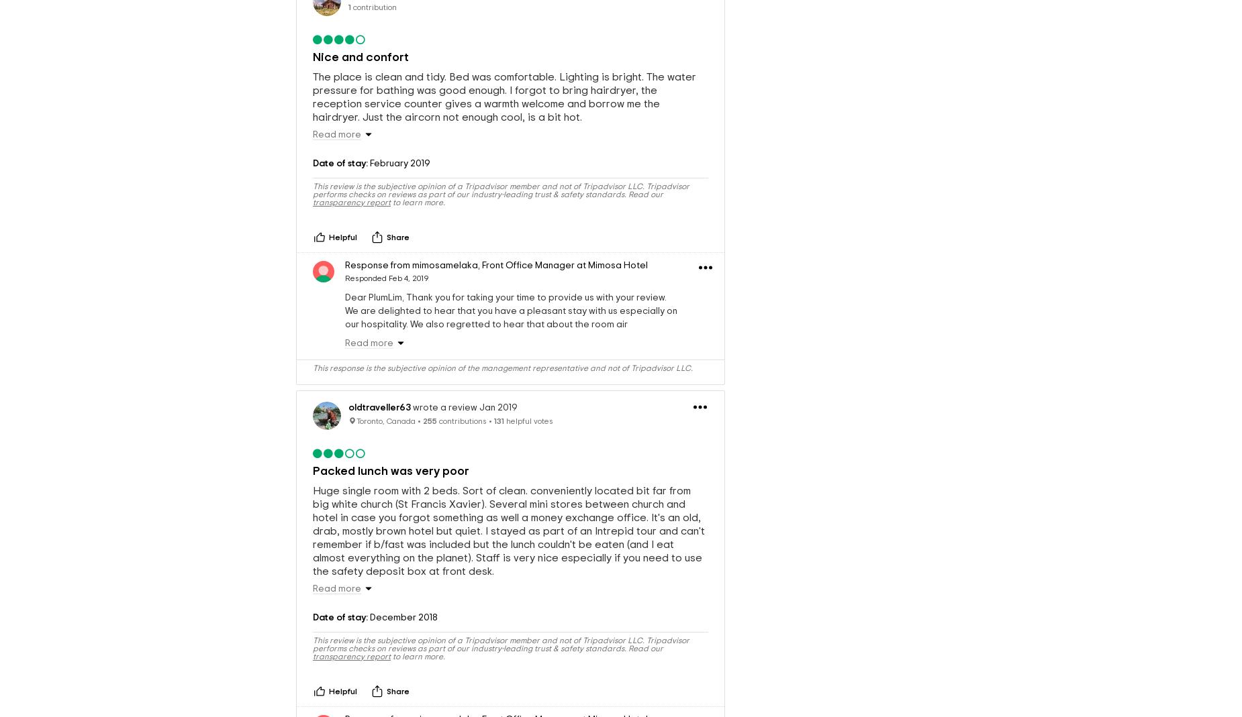  What do you see at coordinates (528, 420) in the screenshot?
I see `'helpful votes'` at bounding box center [528, 420].